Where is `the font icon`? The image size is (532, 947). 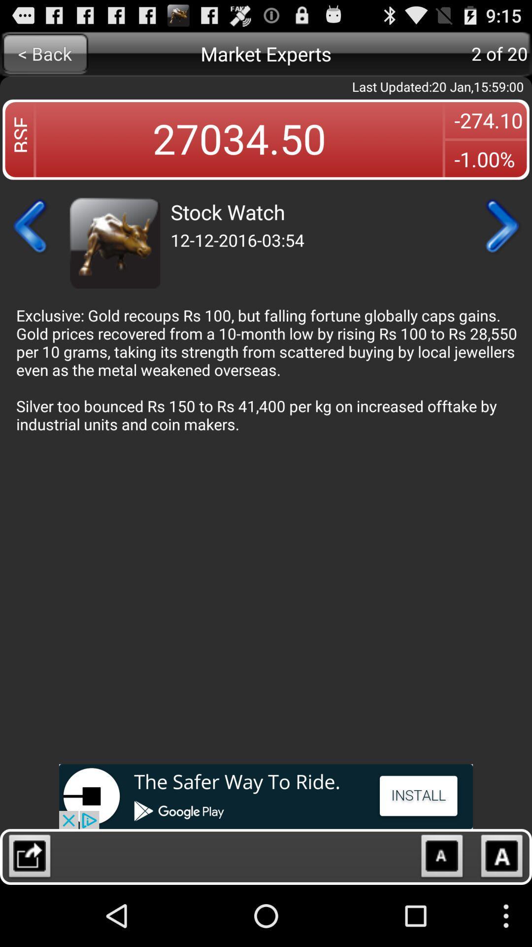 the font icon is located at coordinates (502, 918).